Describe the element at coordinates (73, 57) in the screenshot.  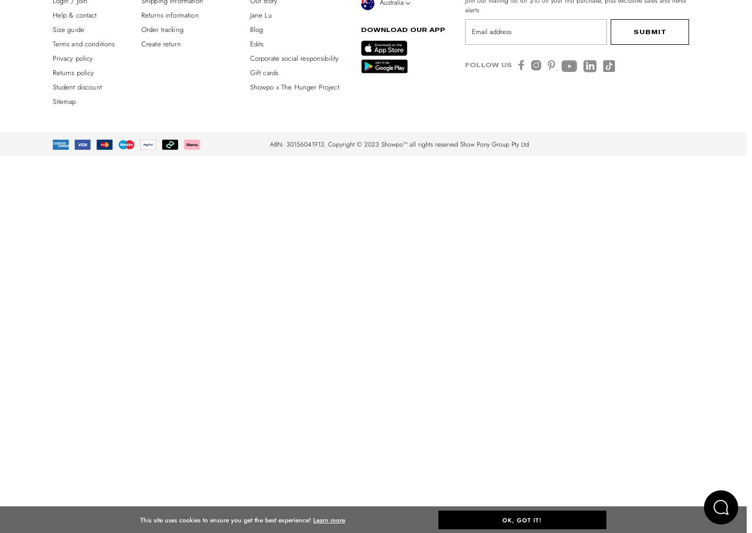
I see `'Privacy policy'` at that location.